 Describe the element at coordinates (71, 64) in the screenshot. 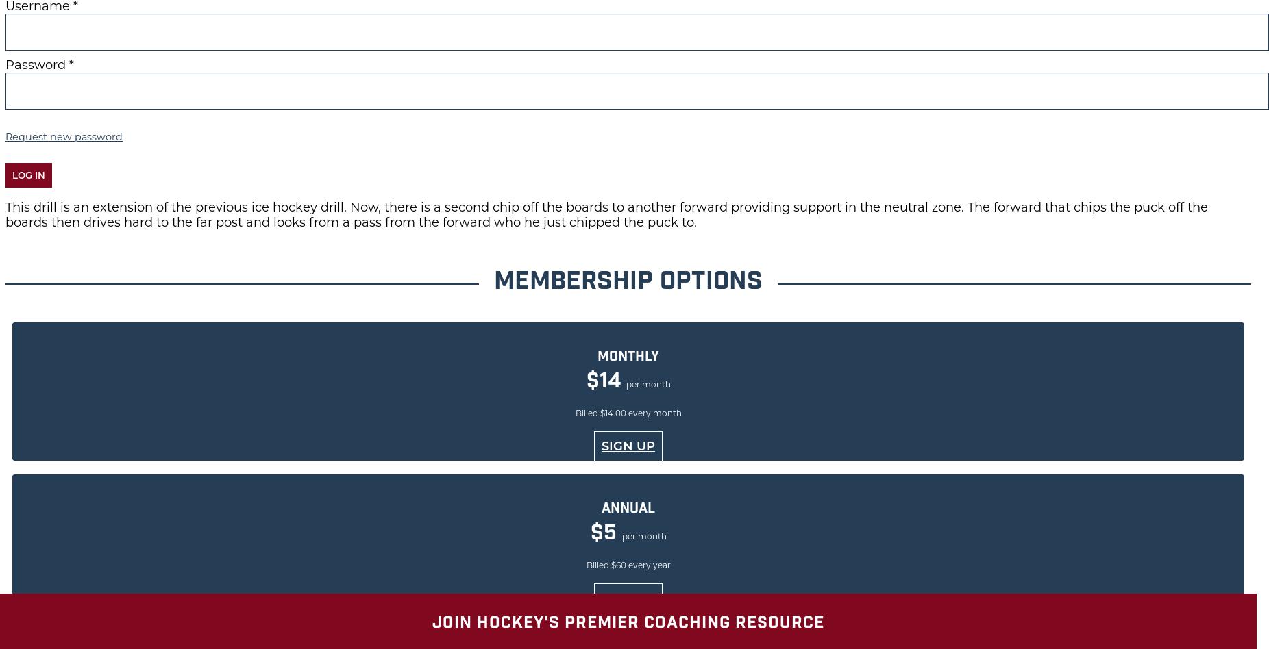

I see `'*'` at that location.